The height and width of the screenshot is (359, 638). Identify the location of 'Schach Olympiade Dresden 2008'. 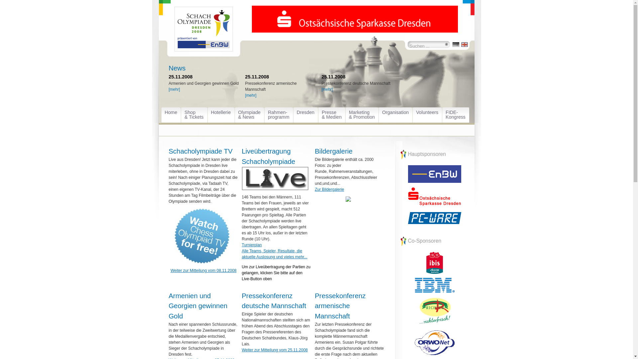
(203, 33).